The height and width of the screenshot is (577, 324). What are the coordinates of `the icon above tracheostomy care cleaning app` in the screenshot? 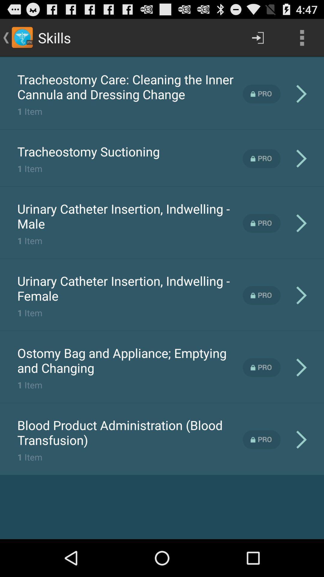 It's located at (162, 57).